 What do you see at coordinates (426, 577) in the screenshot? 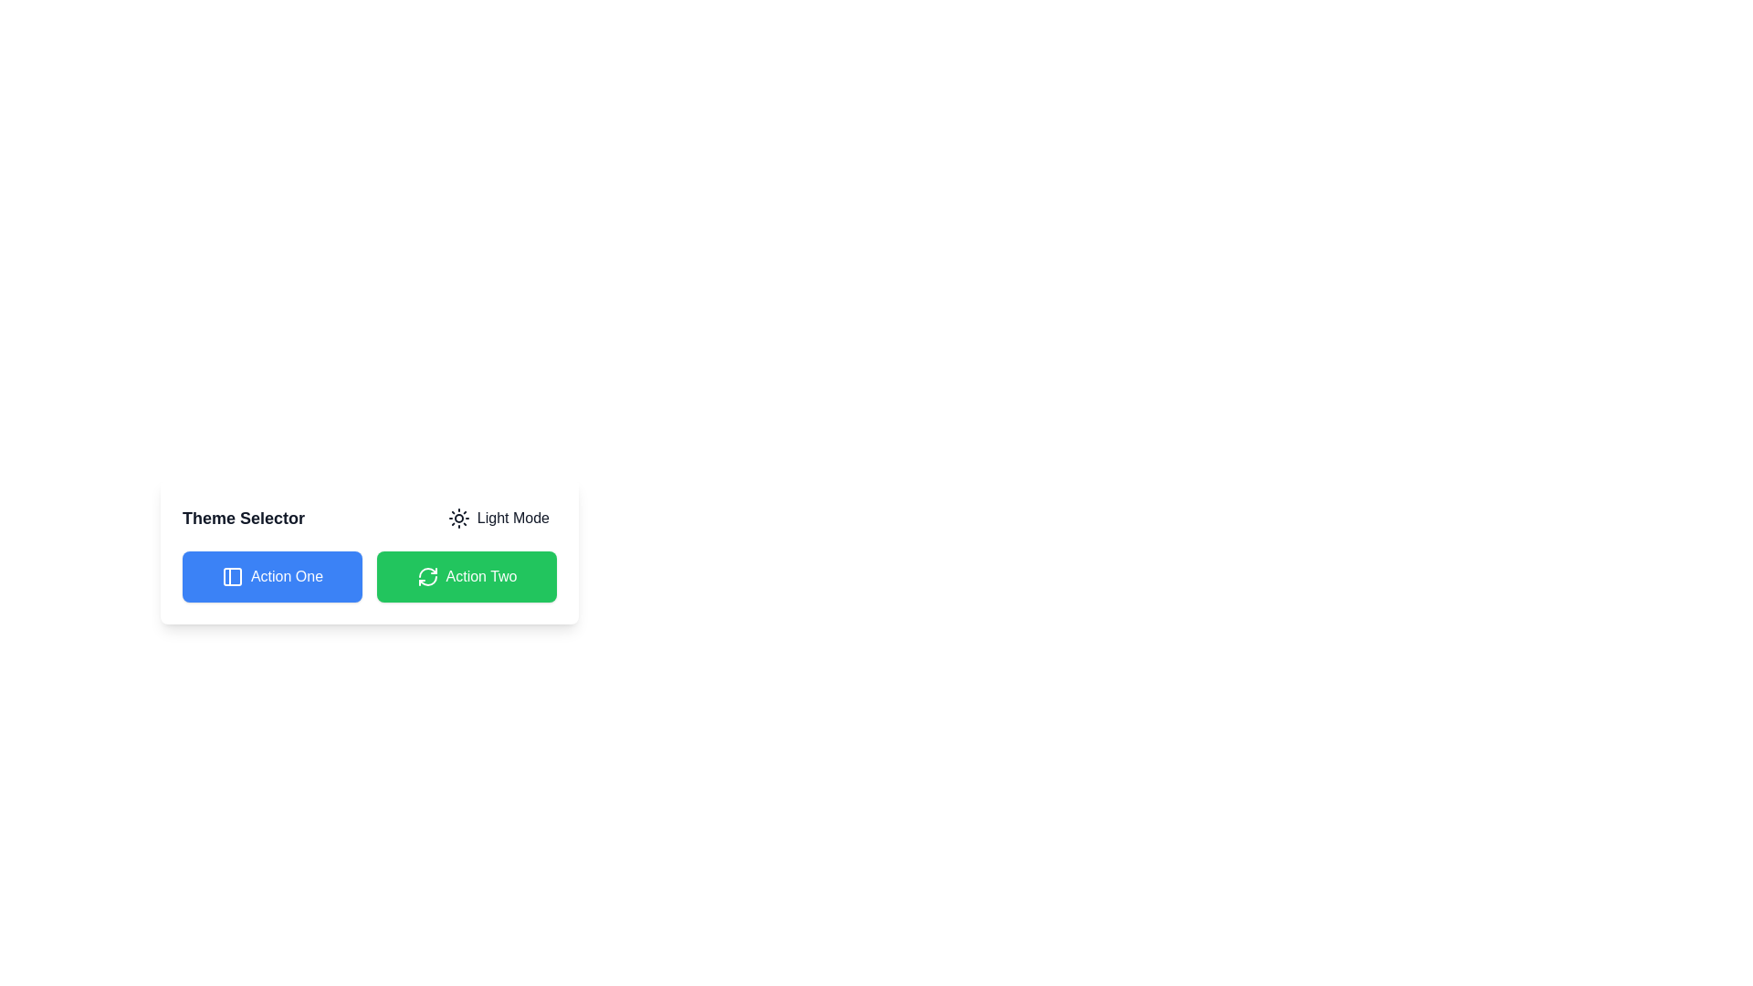
I see `the circular refresh icon with a green background and white arrows, located within the 'Action Two' button` at bounding box center [426, 577].